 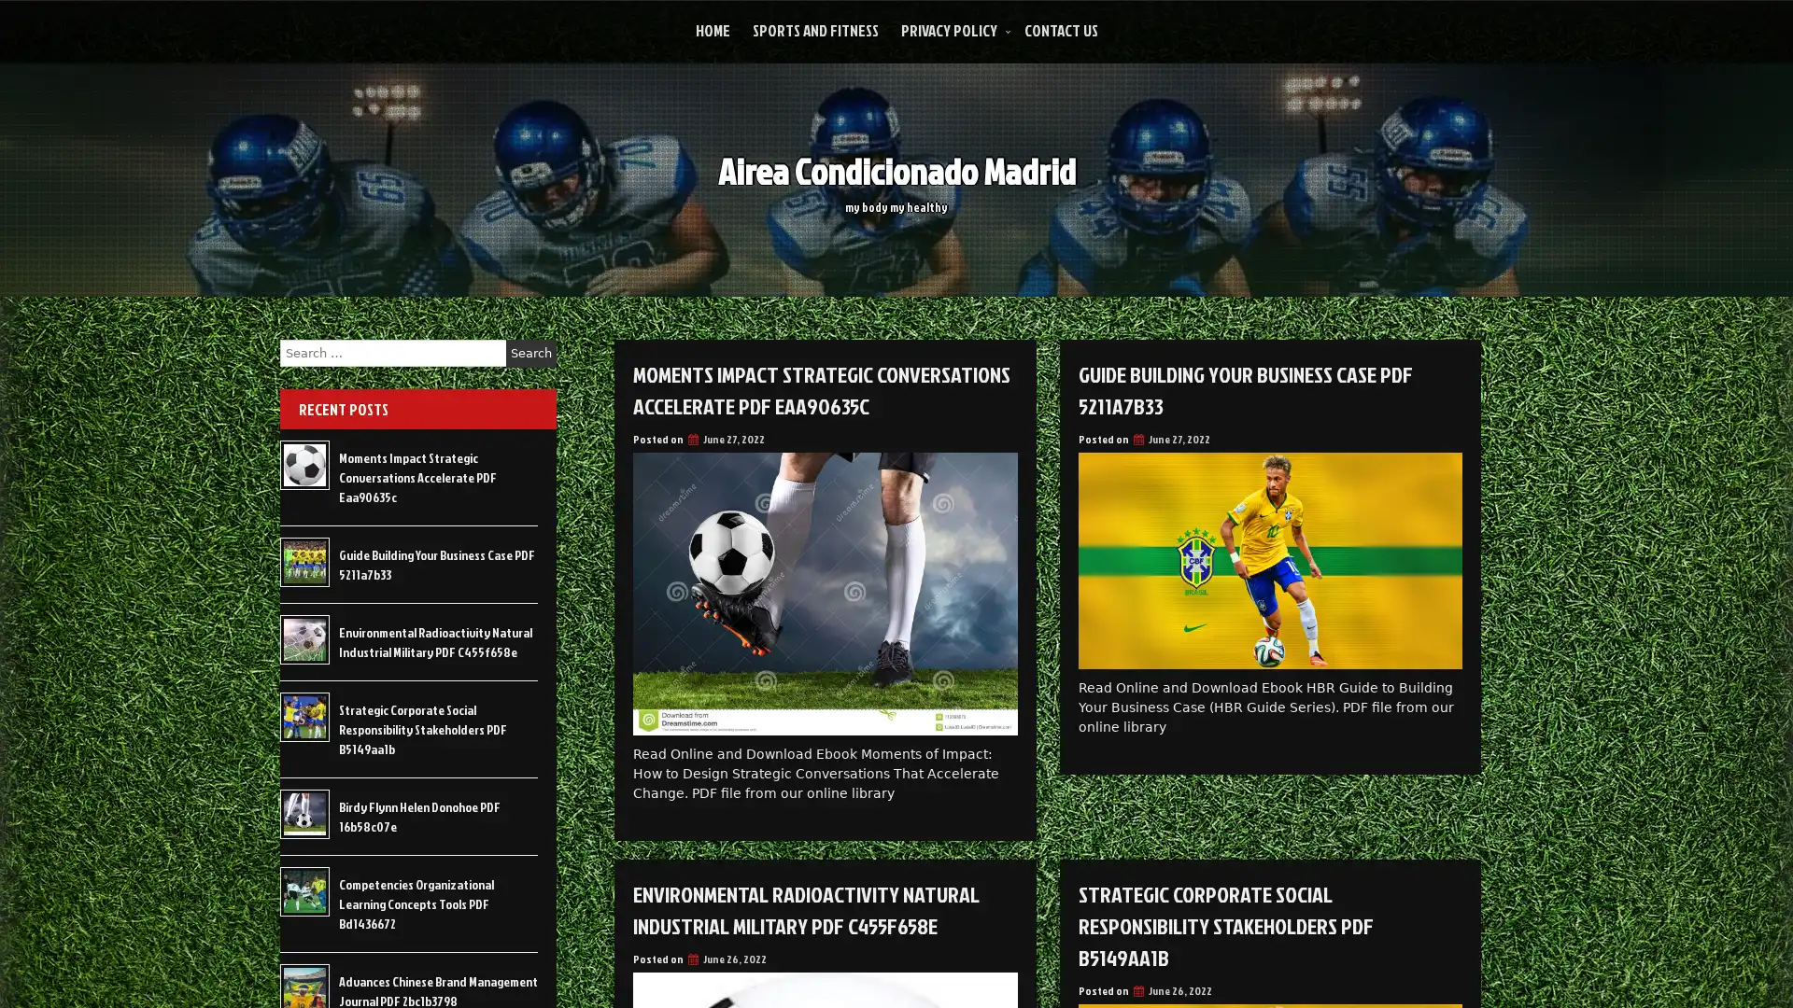 I want to click on Search, so click(x=530, y=353).